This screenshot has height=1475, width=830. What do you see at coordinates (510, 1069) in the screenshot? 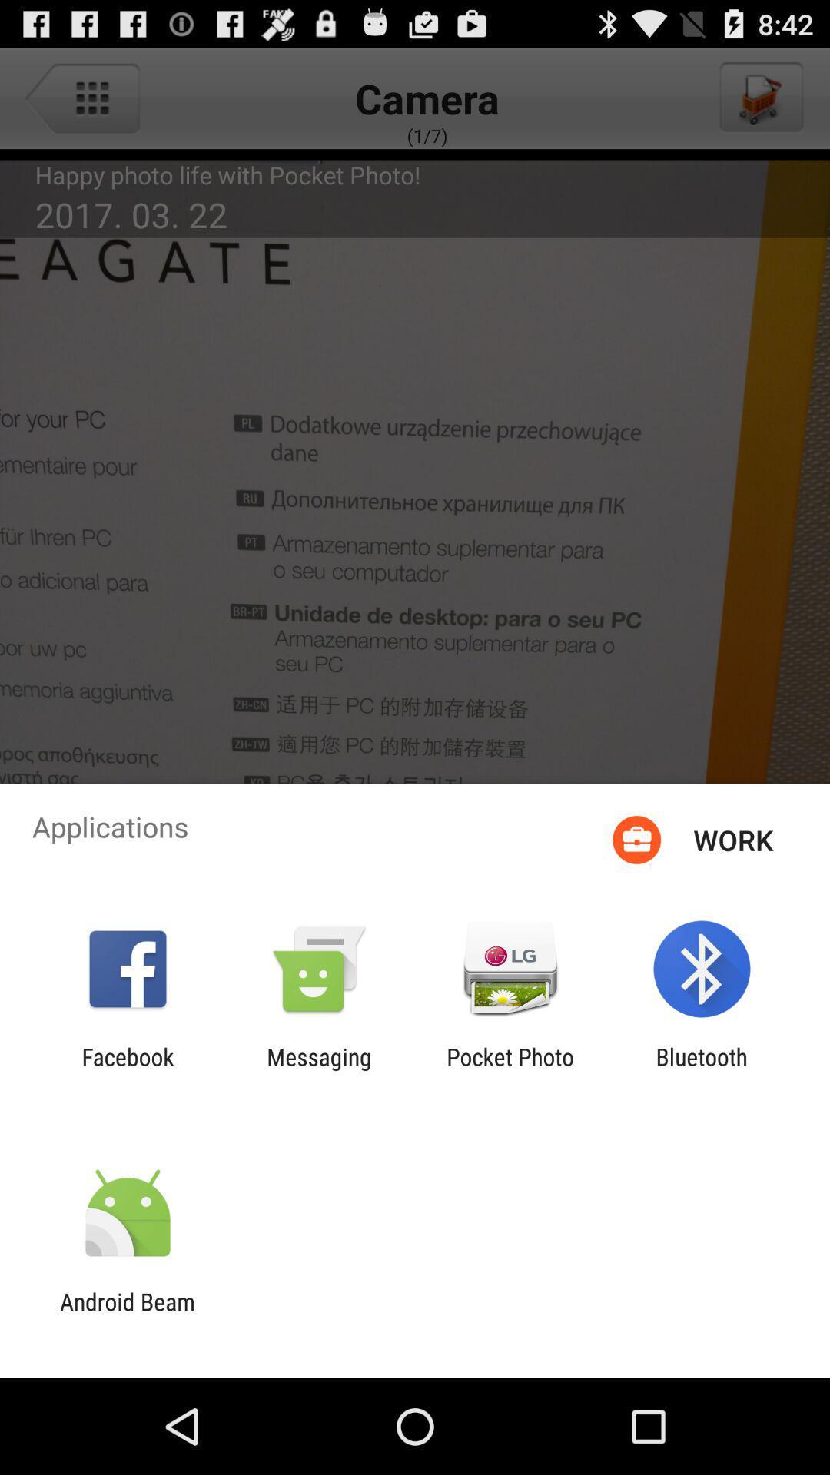
I see `icon to the left of bluetooth` at bounding box center [510, 1069].